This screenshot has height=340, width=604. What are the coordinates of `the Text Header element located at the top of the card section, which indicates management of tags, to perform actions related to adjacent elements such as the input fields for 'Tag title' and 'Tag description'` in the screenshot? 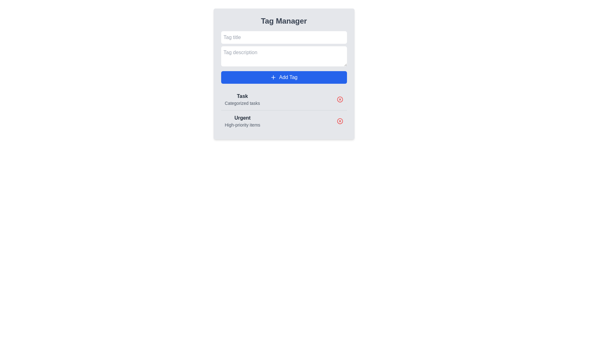 It's located at (283, 20).